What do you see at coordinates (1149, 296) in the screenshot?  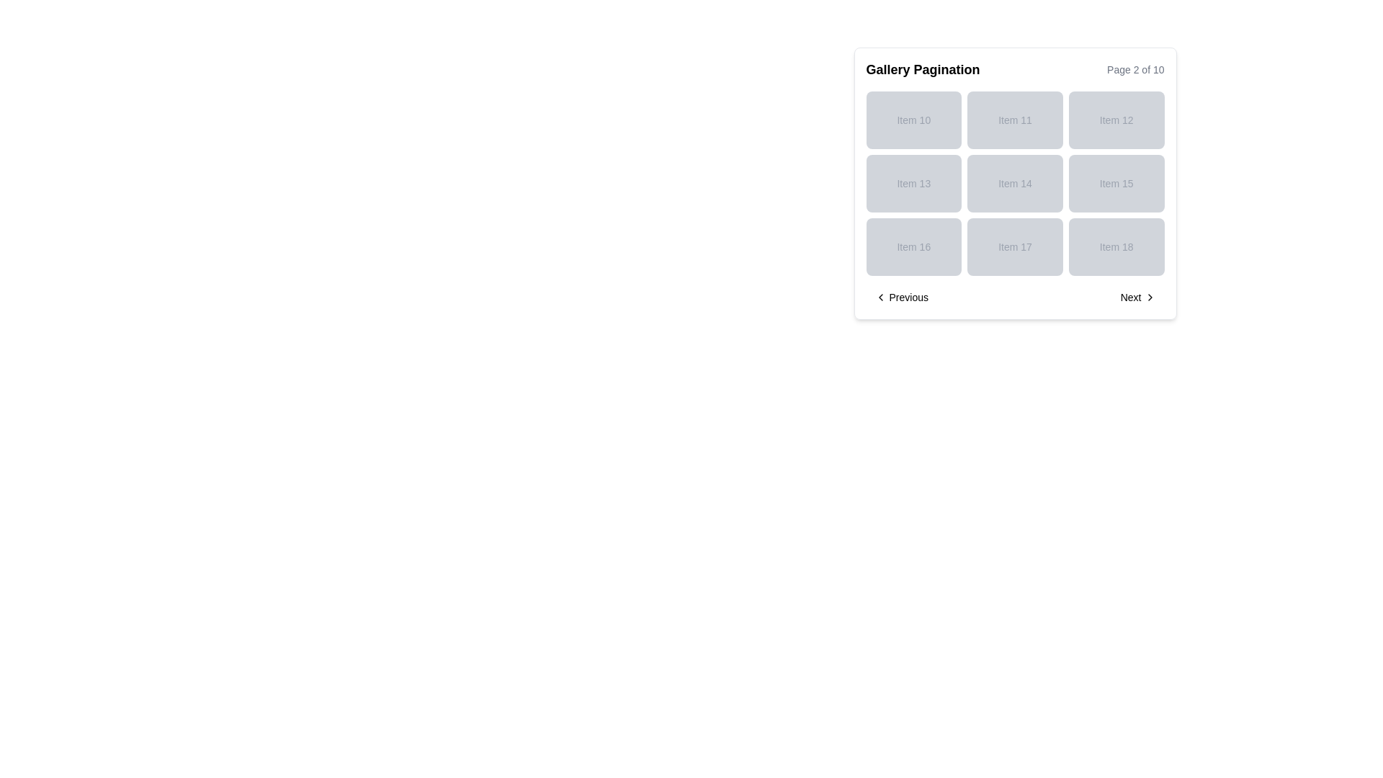 I see `the 'Next' button icon located at the bottom-right corner of the interface, which visually suggests forward navigation to the subsequent page` at bounding box center [1149, 296].